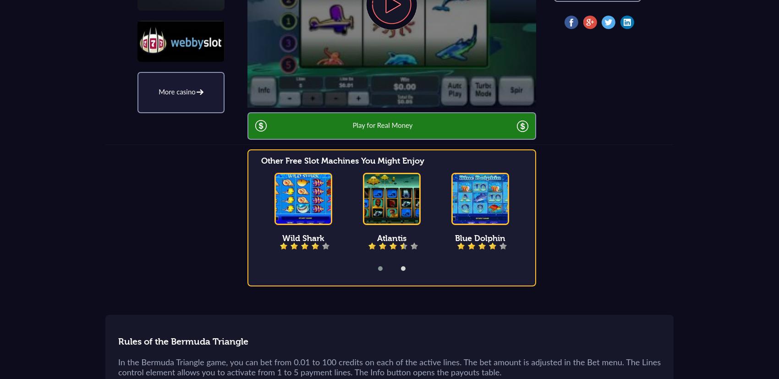 The height and width of the screenshot is (379, 779). What do you see at coordinates (183, 341) in the screenshot?
I see `'Rules of the Bermuda Triangle'` at bounding box center [183, 341].